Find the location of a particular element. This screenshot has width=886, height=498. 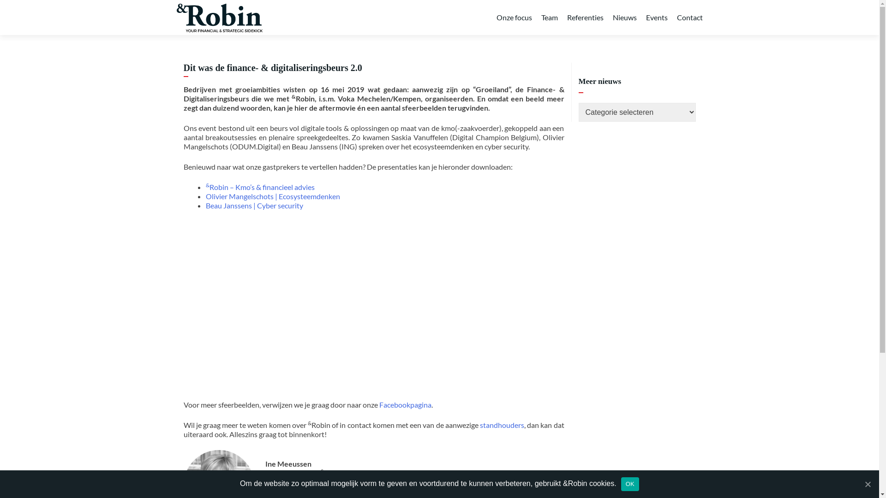

'Olivier Mangelschots | Ecosysteemdenken' is located at coordinates (272, 196).